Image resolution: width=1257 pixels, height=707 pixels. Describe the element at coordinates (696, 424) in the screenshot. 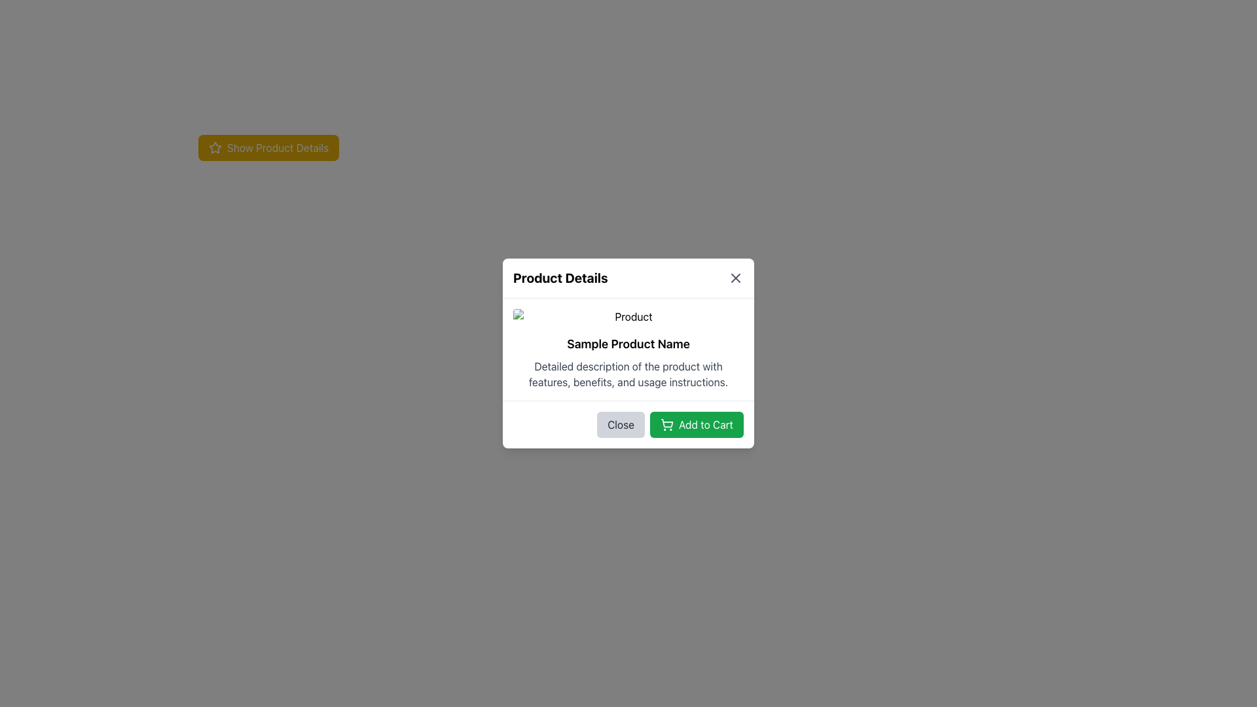

I see `the 'Add to Cart' button located in the bottom-right corner of the 'Product Details' modal dialog` at that location.